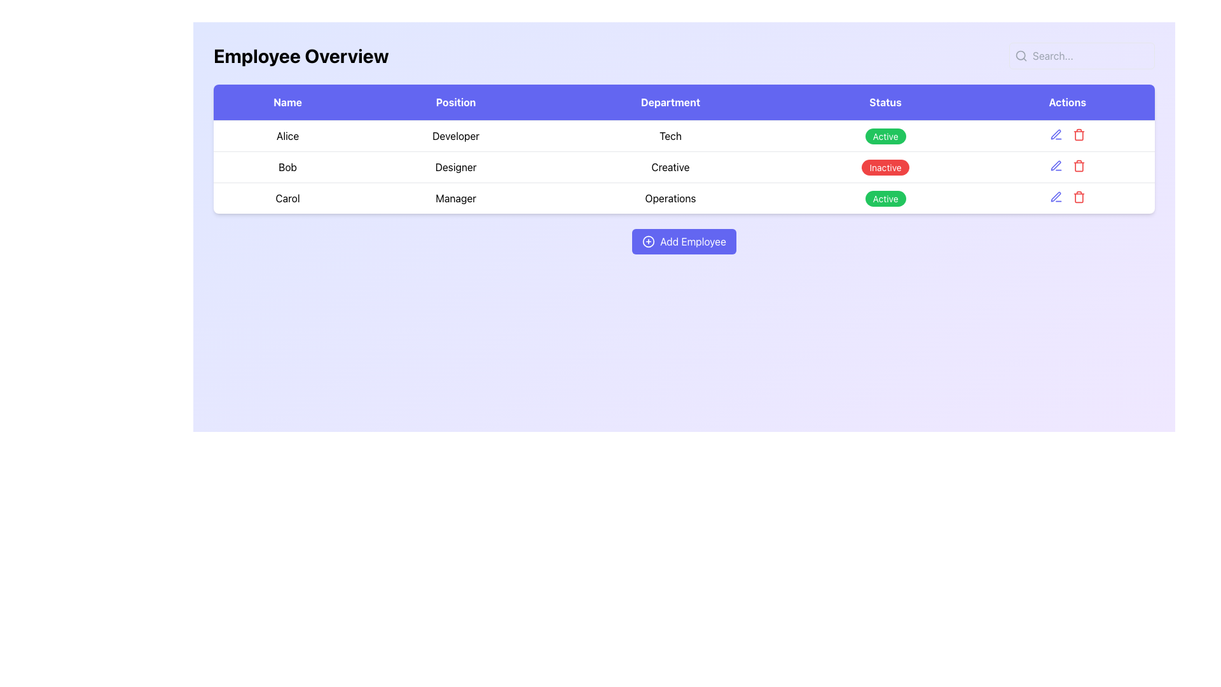 The image size is (1221, 687). Describe the element at coordinates (683, 242) in the screenshot. I see `the button located below the employee listing table` at that location.